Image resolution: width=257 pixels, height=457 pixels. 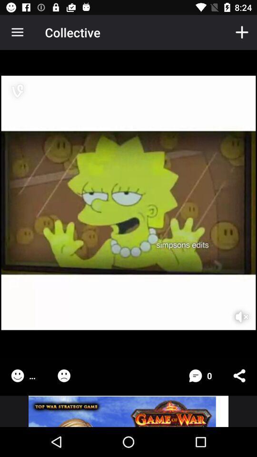 I want to click on the volume icon, so click(x=235, y=310).